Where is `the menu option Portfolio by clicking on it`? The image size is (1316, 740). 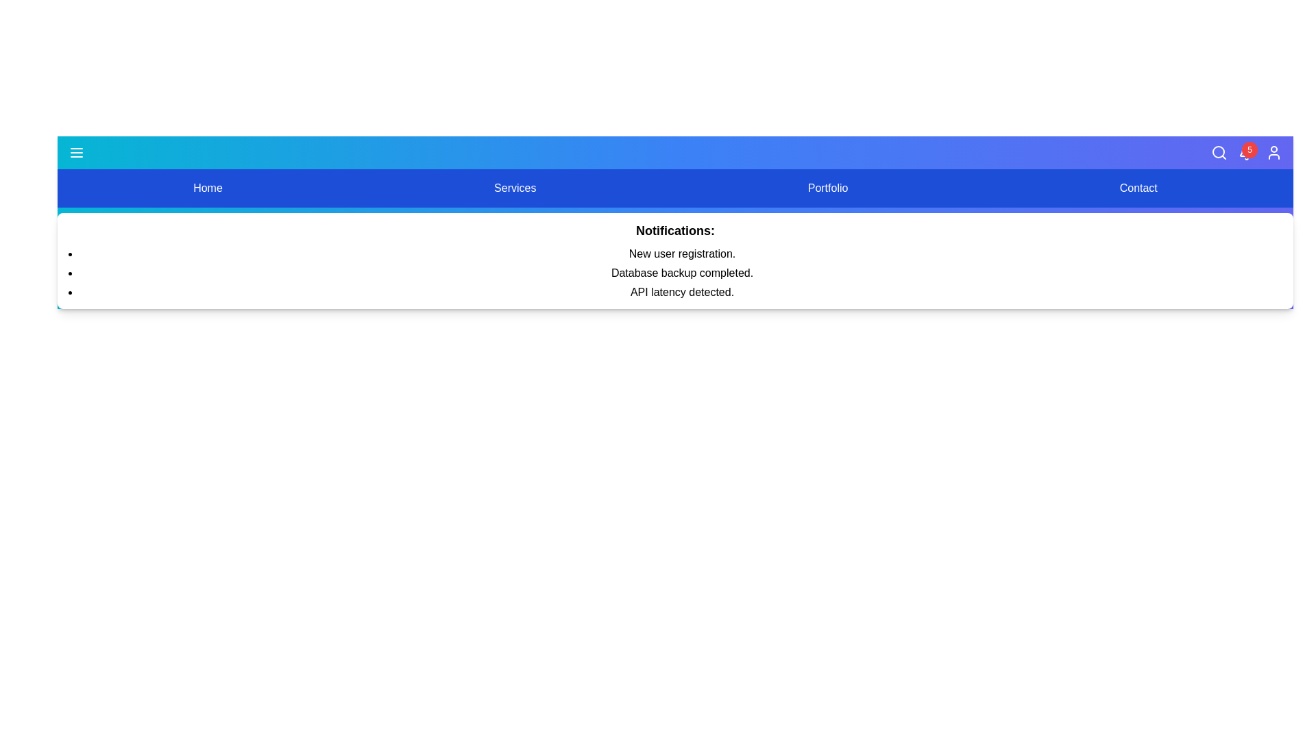 the menu option Portfolio by clicking on it is located at coordinates (827, 188).